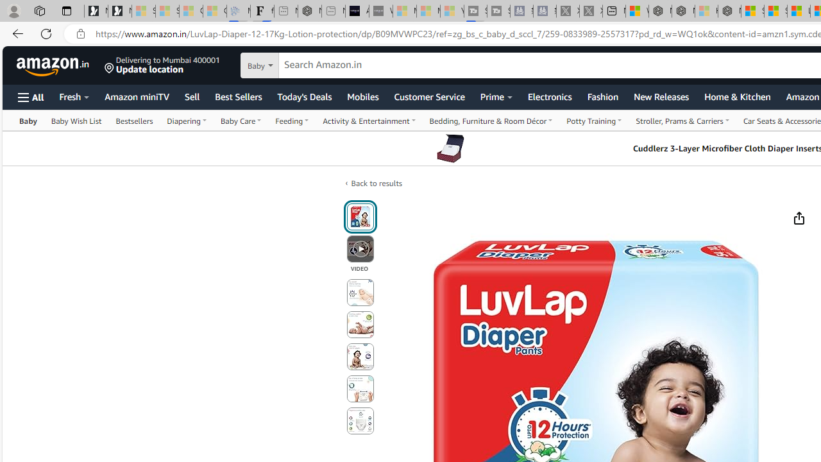 The width and height of the screenshot is (821, 462). I want to click on 'Nordace - #1 Japanese Best-Seller - Siena Smart Backpack', so click(309, 11).